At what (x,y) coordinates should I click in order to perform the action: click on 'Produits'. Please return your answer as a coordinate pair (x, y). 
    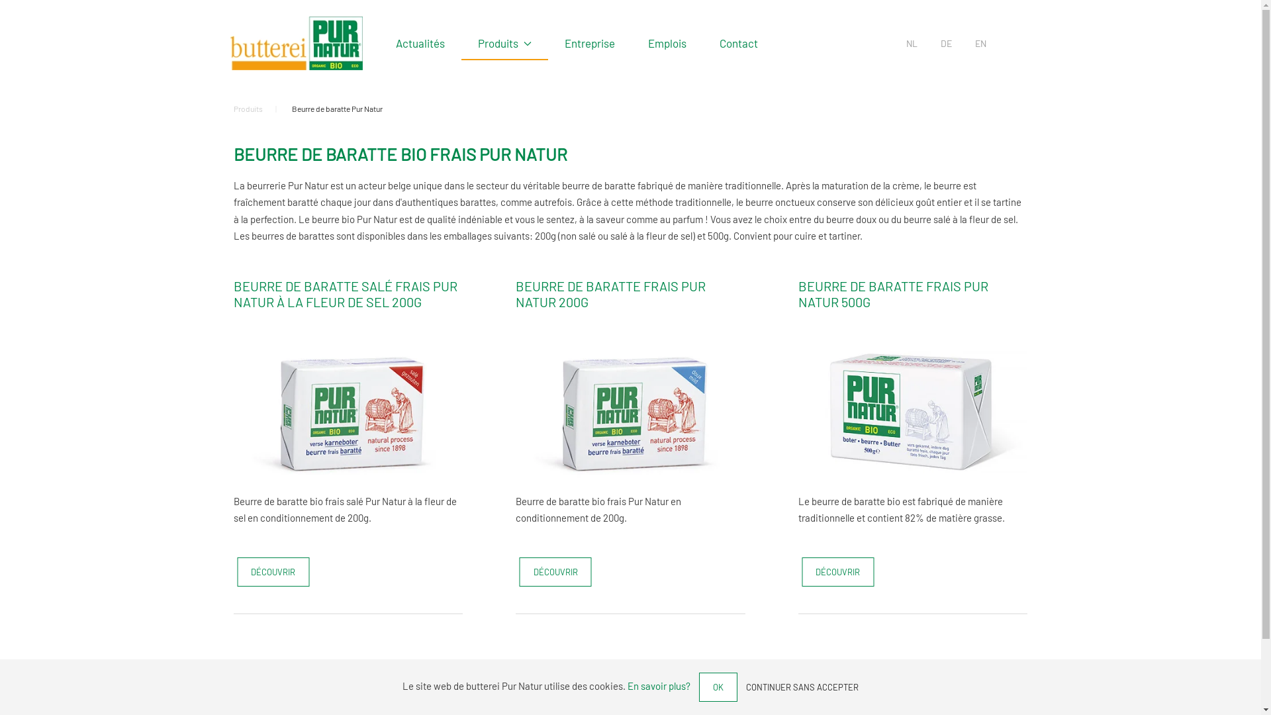
    Looking at the image, I should click on (232, 108).